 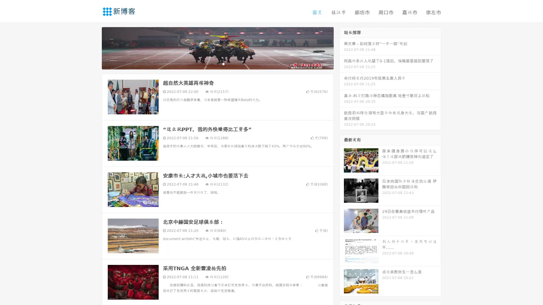 What do you see at coordinates (93, 47) in the screenshot?
I see `Previous slide` at bounding box center [93, 47].